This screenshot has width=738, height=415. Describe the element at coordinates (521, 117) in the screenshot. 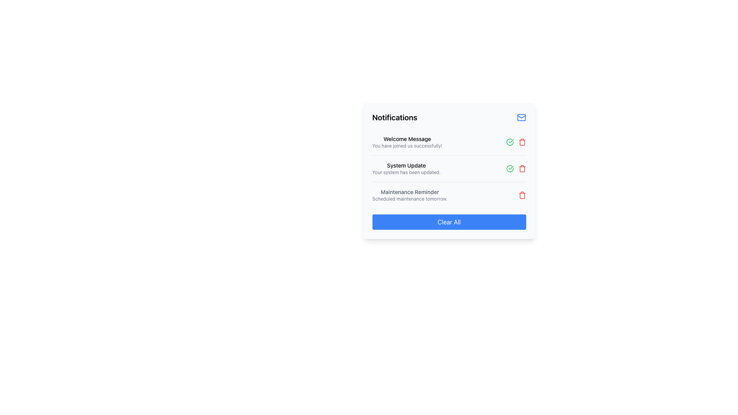

I see `the mail notification icon located at the top-right corner of the notifications panel` at that location.